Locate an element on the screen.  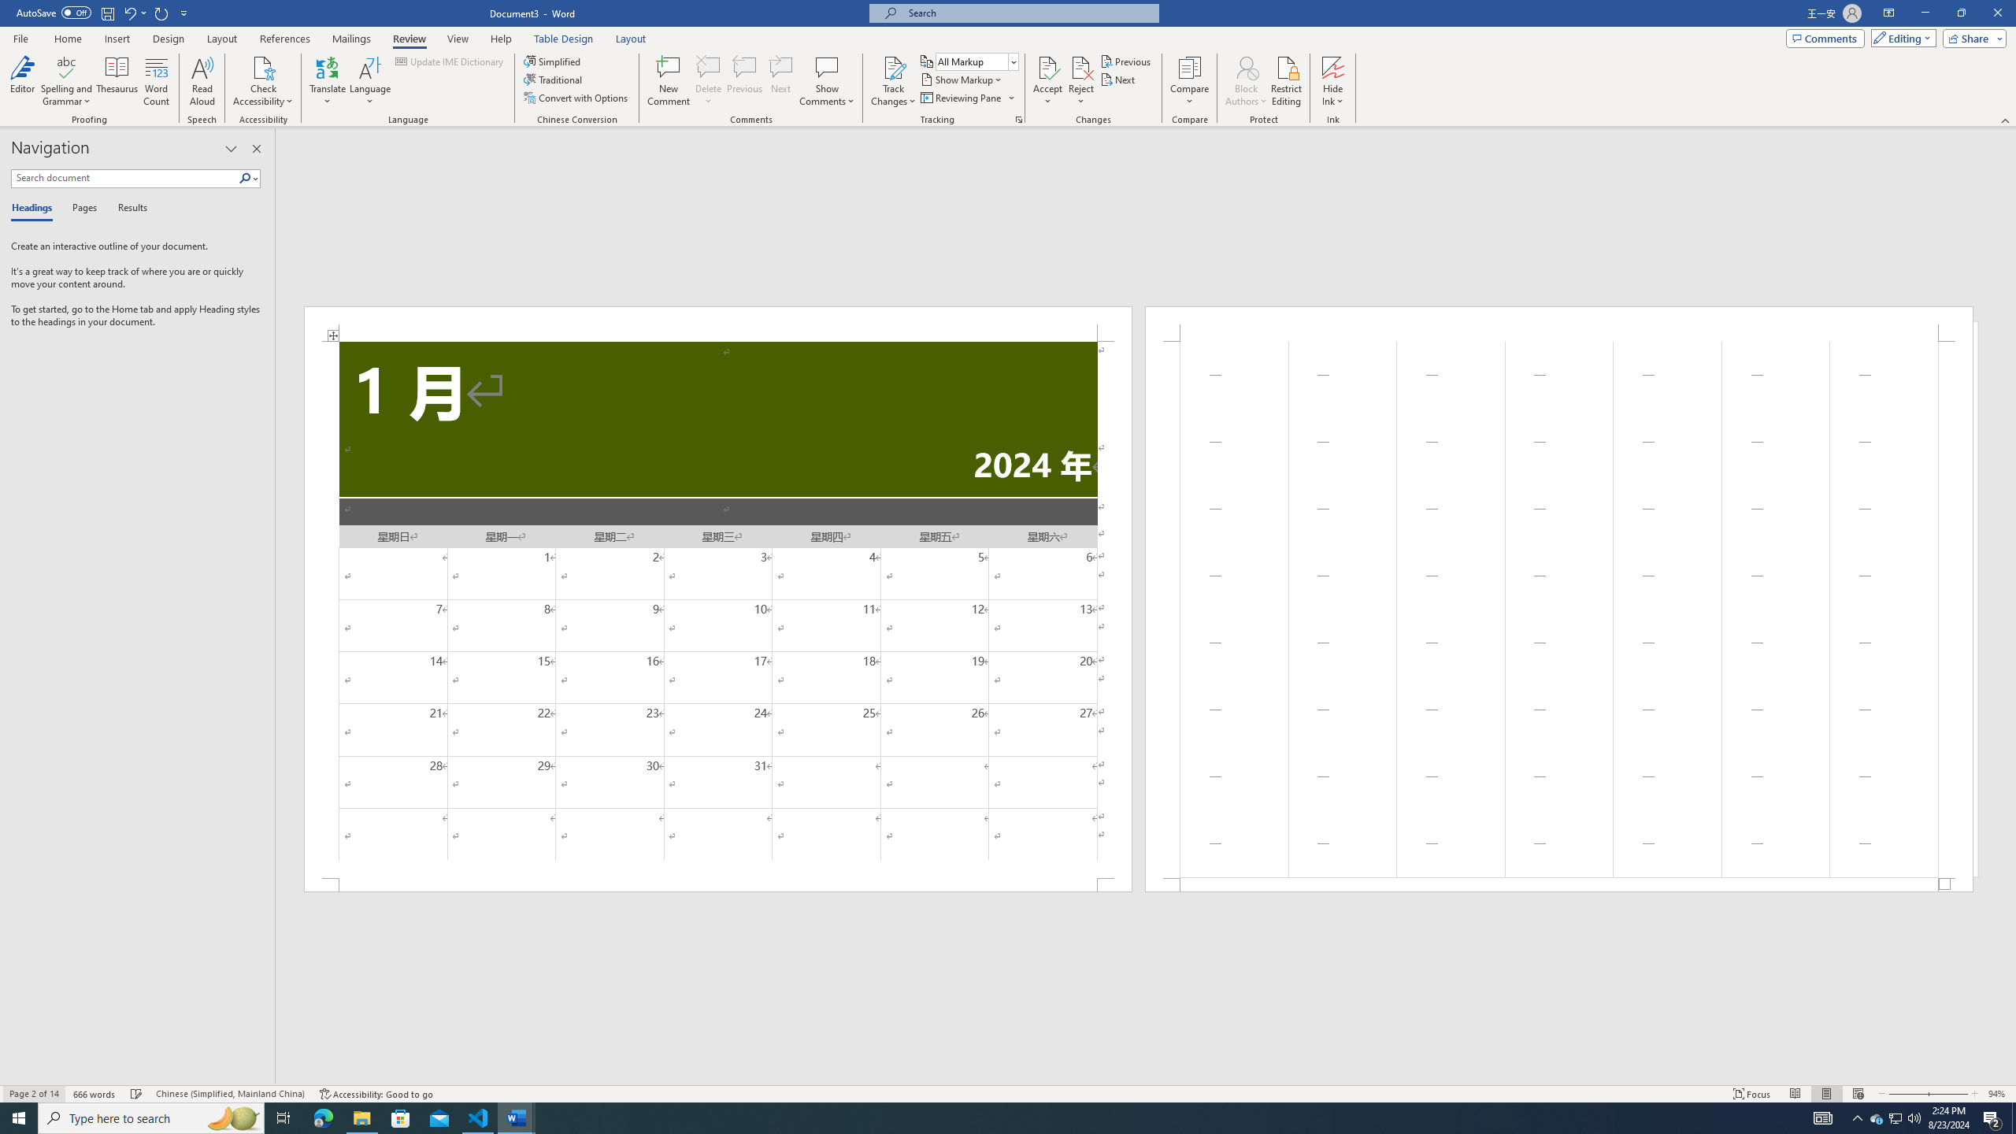
'Check Accessibility' is located at coordinates (263, 66).